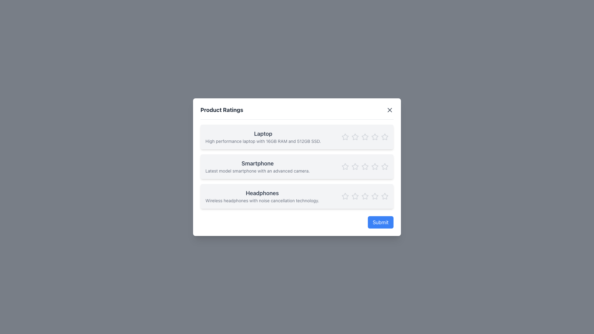 The image size is (594, 334). What do you see at coordinates (374, 136) in the screenshot?
I see `the fifth star-shaped icon in the rating section for the 'Laptop' product to rate it` at bounding box center [374, 136].